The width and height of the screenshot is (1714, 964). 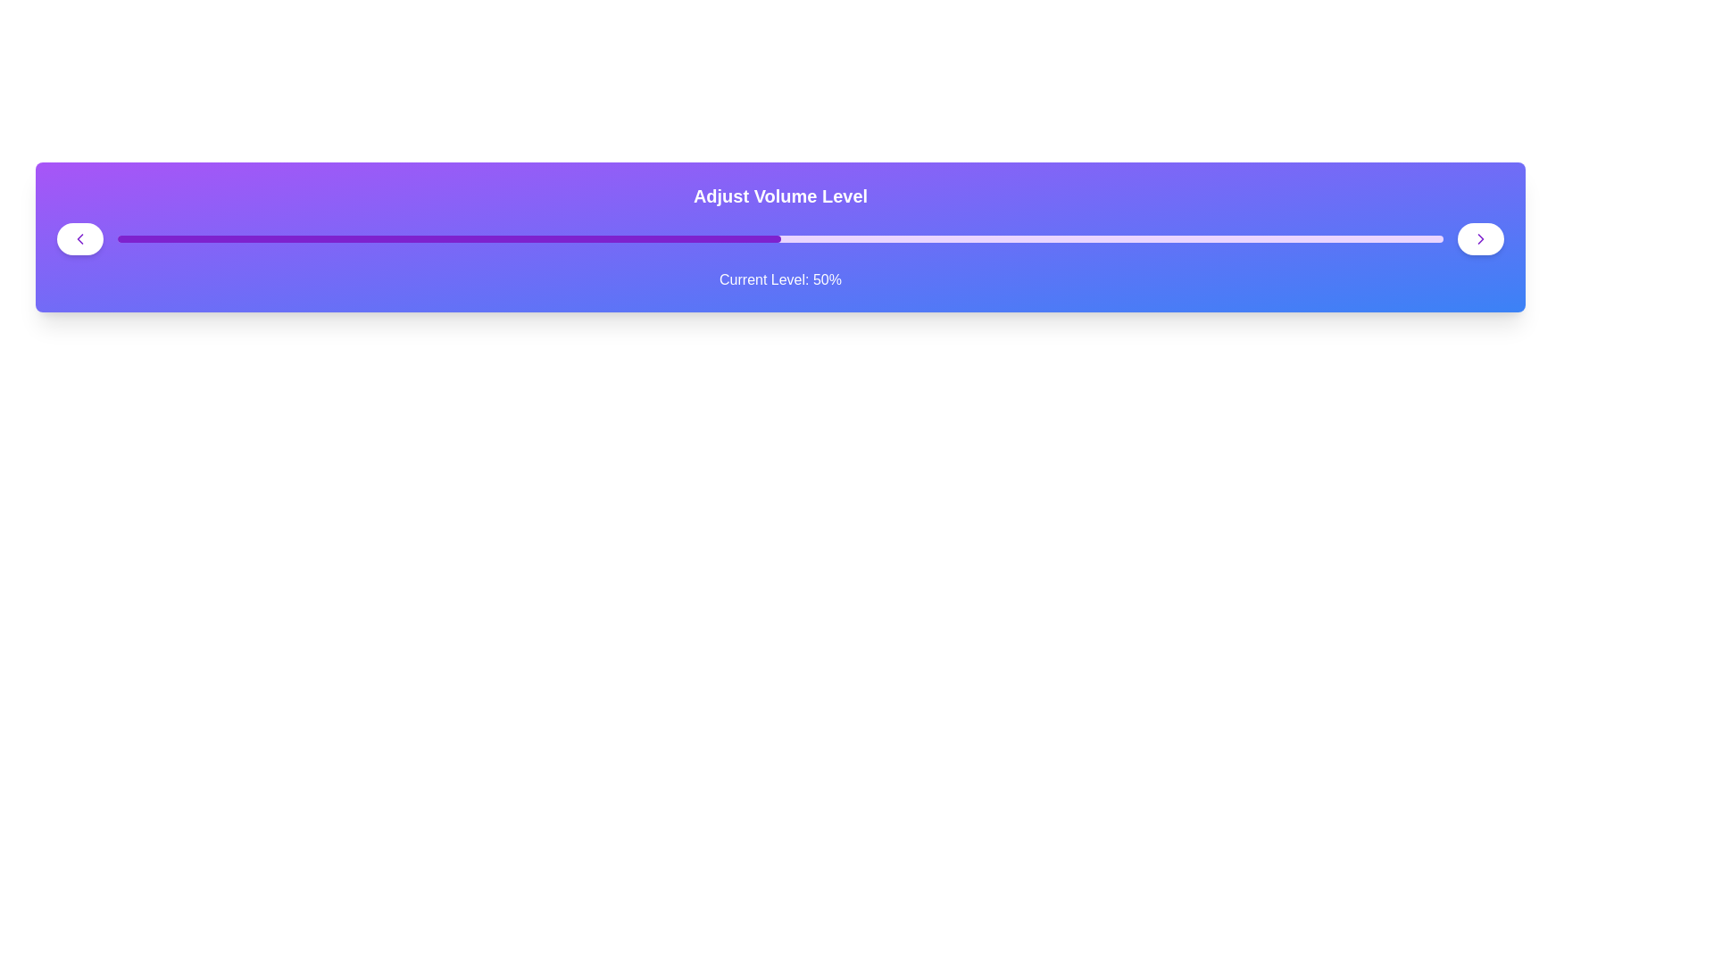 I want to click on the volume level, so click(x=608, y=237).